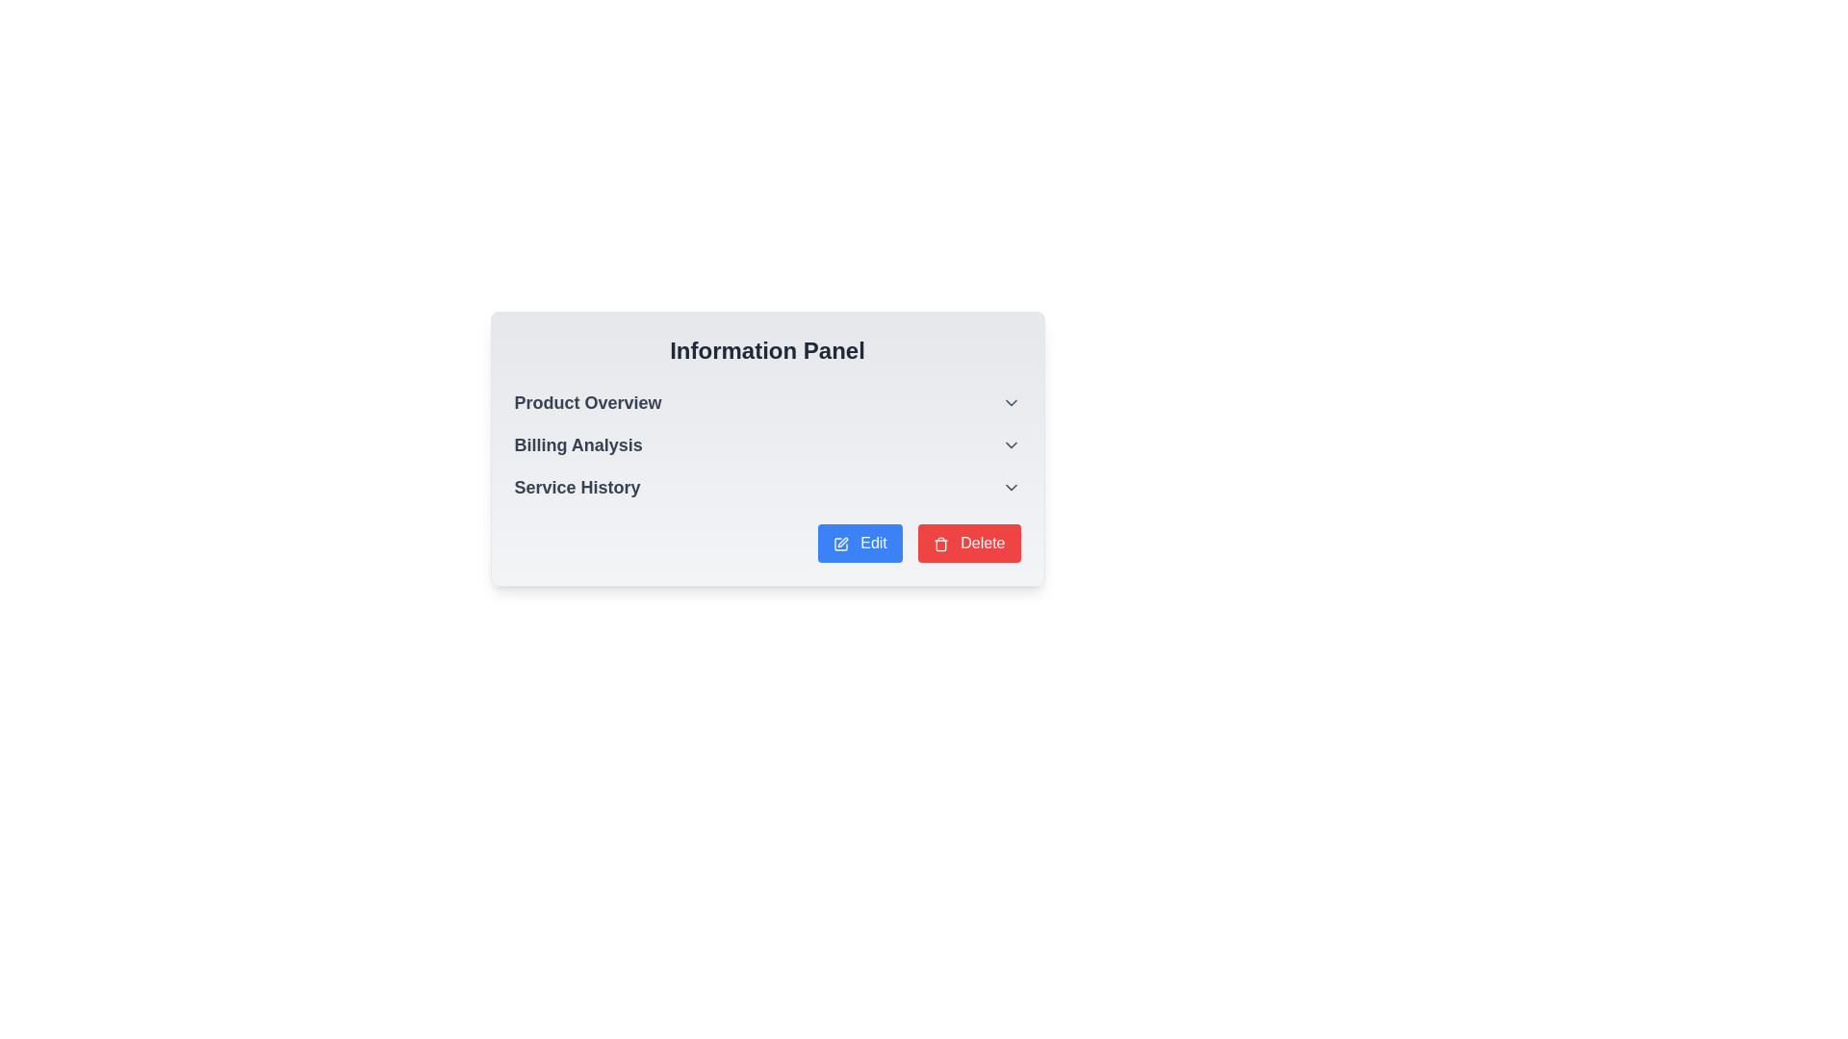 This screenshot has height=1039, width=1848. I want to click on on the collapsible menu section within the 'Information Panel', so click(766, 444).